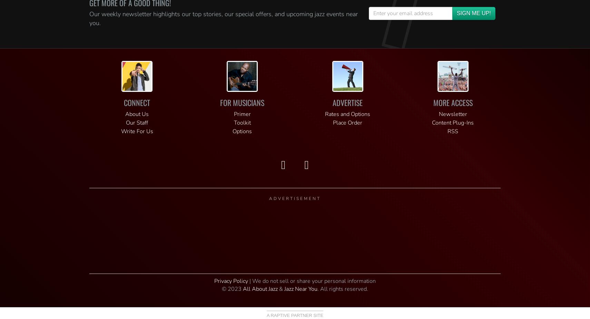 The image size is (590, 319). What do you see at coordinates (281, 289) in the screenshot?
I see `'&'` at bounding box center [281, 289].